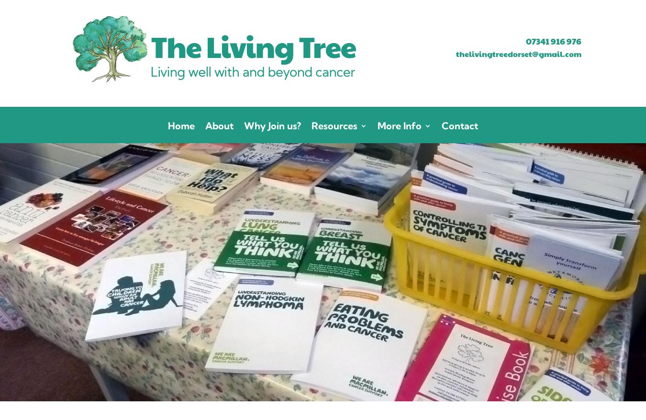 The image size is (646, 420). I want to click on 'Why Join us?', so click(272, 125).